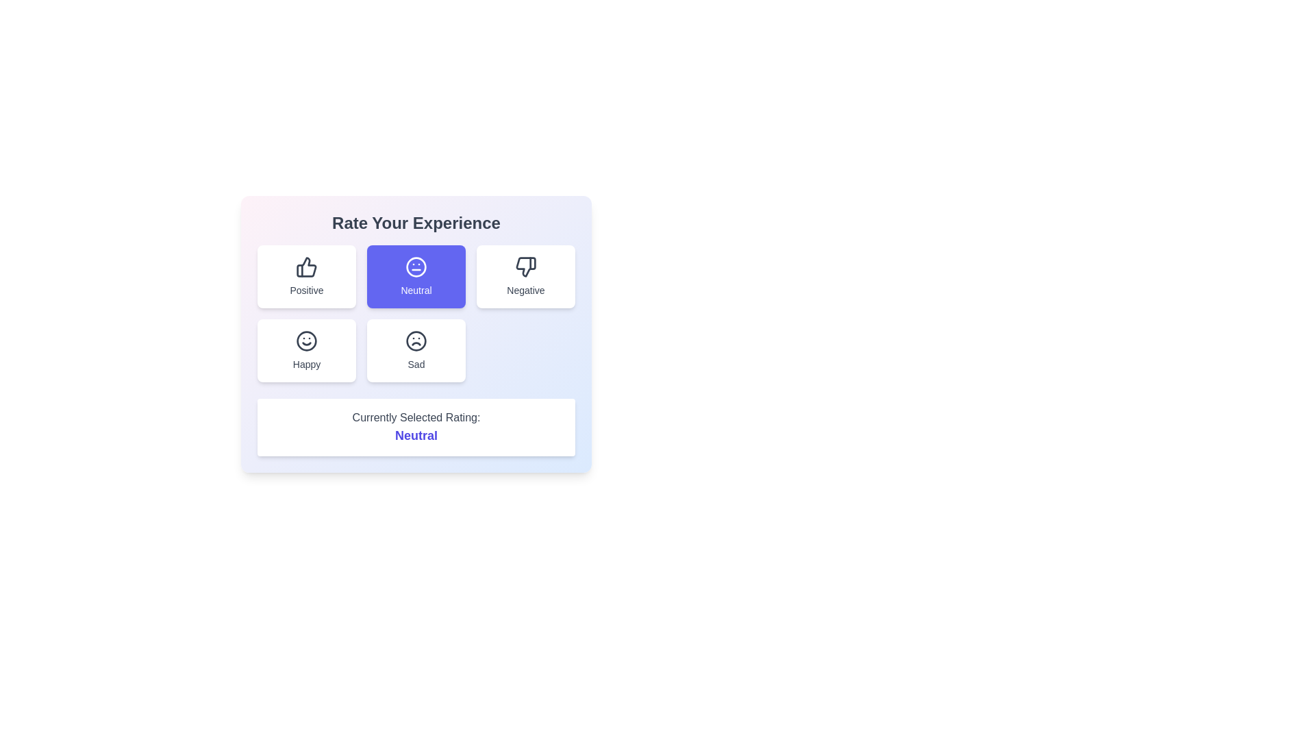  Describe the element at coordinates (416, 277) in the screenshot. I see `the Neutral button to change the selected rating` at that location.